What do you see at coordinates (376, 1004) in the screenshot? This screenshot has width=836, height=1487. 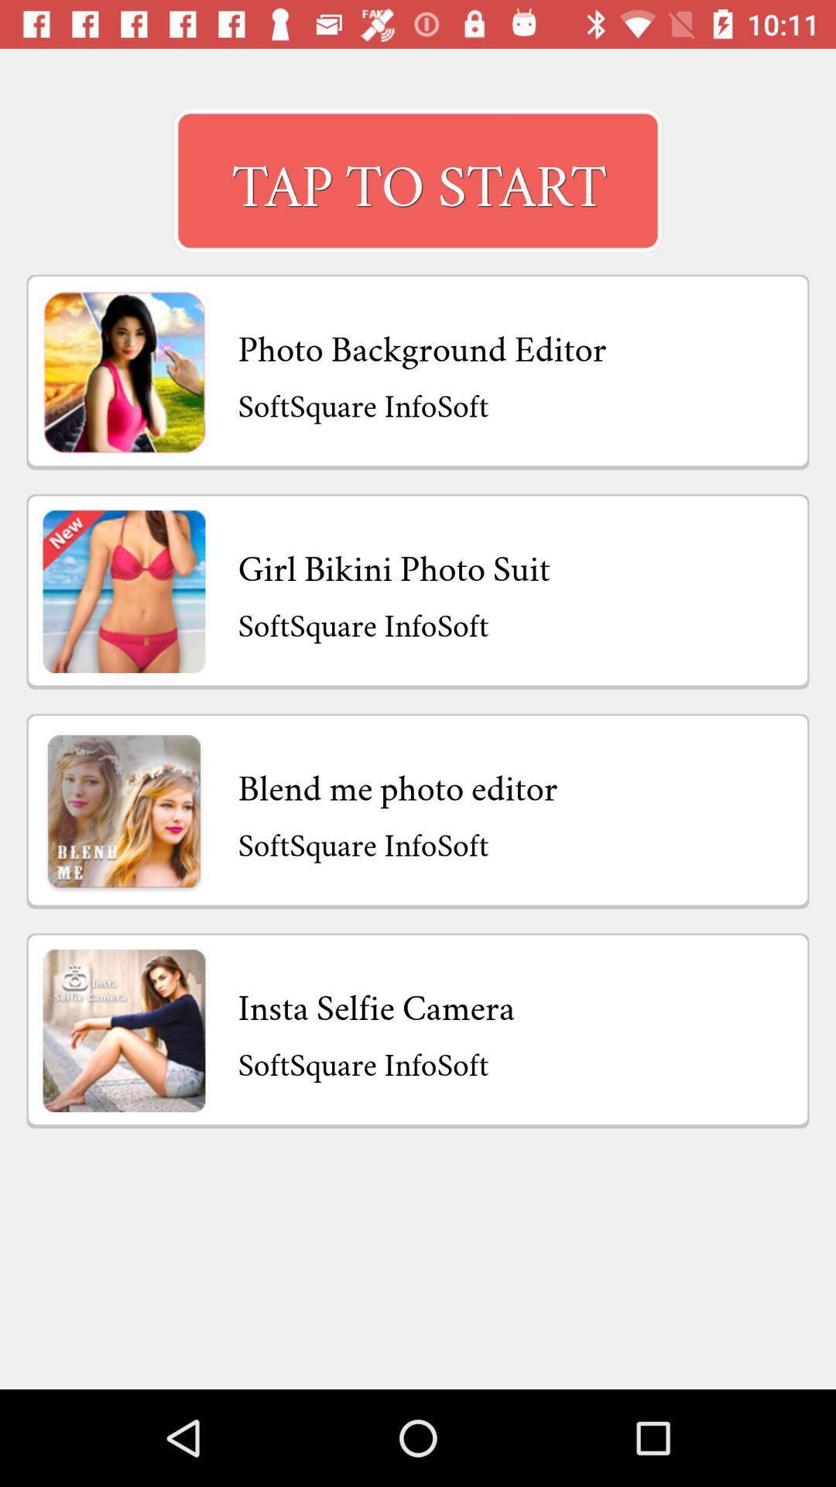 I see `the insta selfie camera item` at bounding box center [376, 1004].